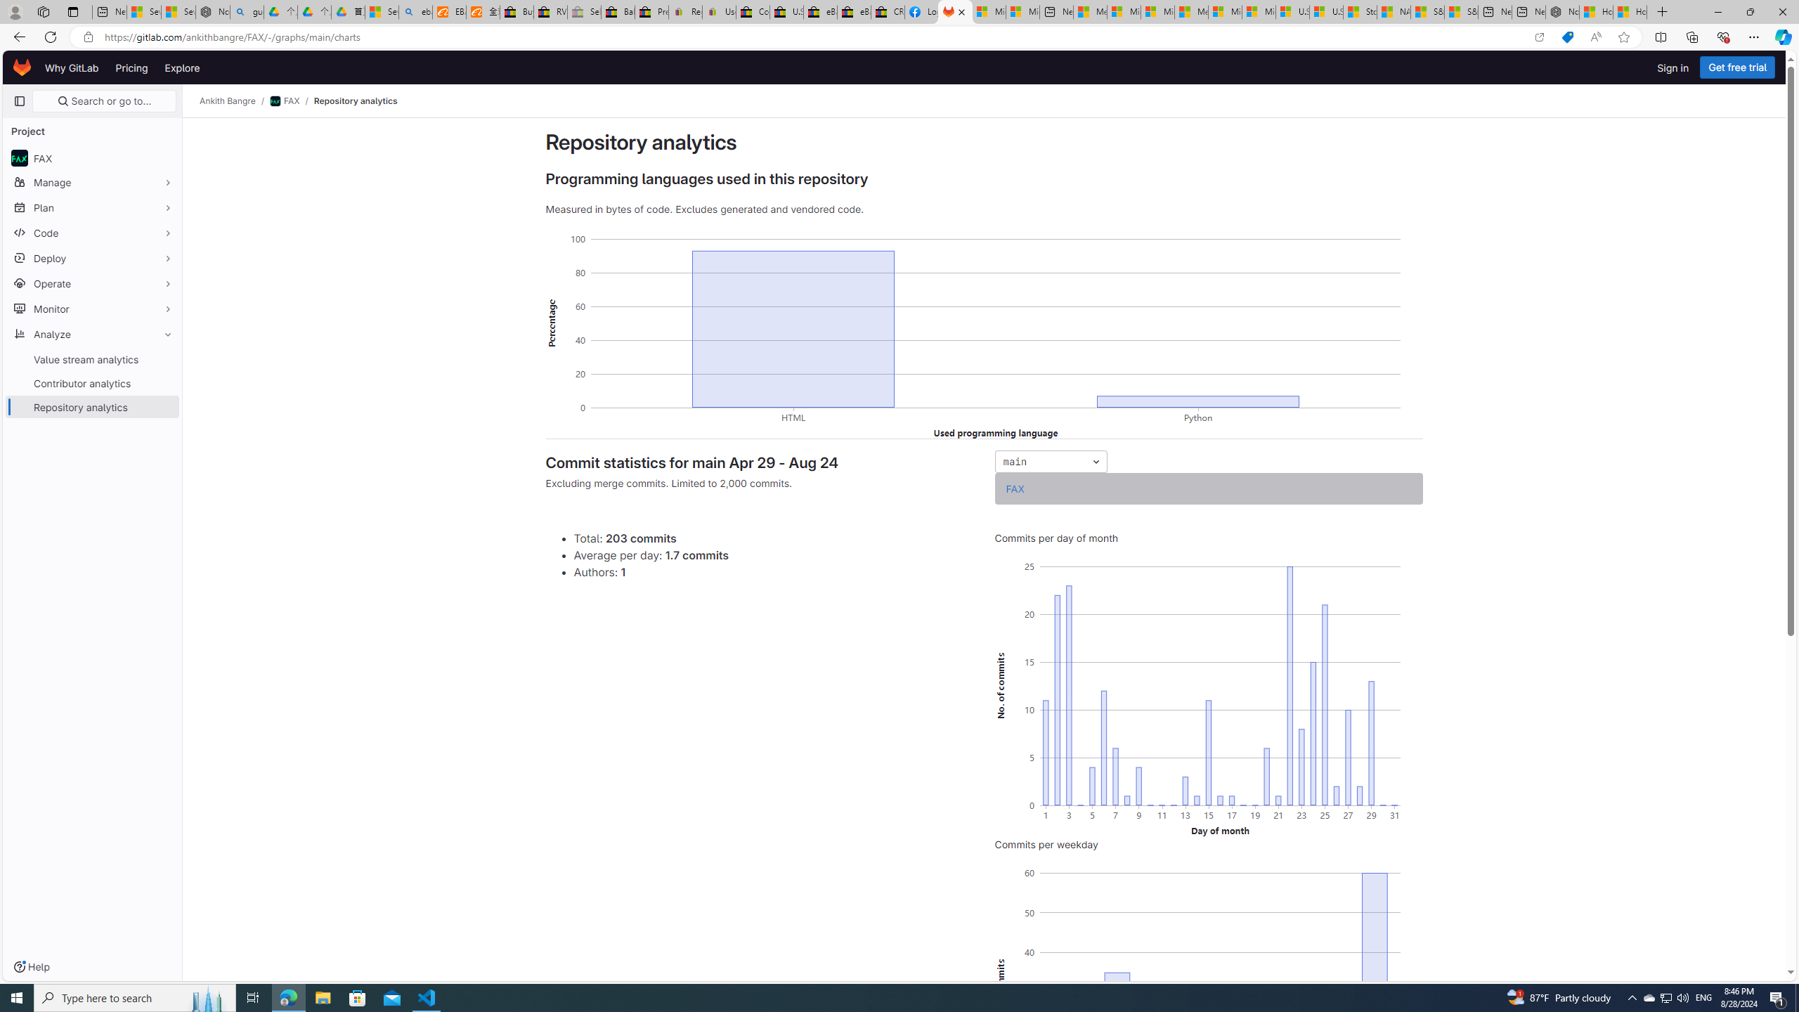 The image size is (1799, 1012). Describe the element at coordinates (91, 258) in the screenshot. I see `'Deploy'` at that location.